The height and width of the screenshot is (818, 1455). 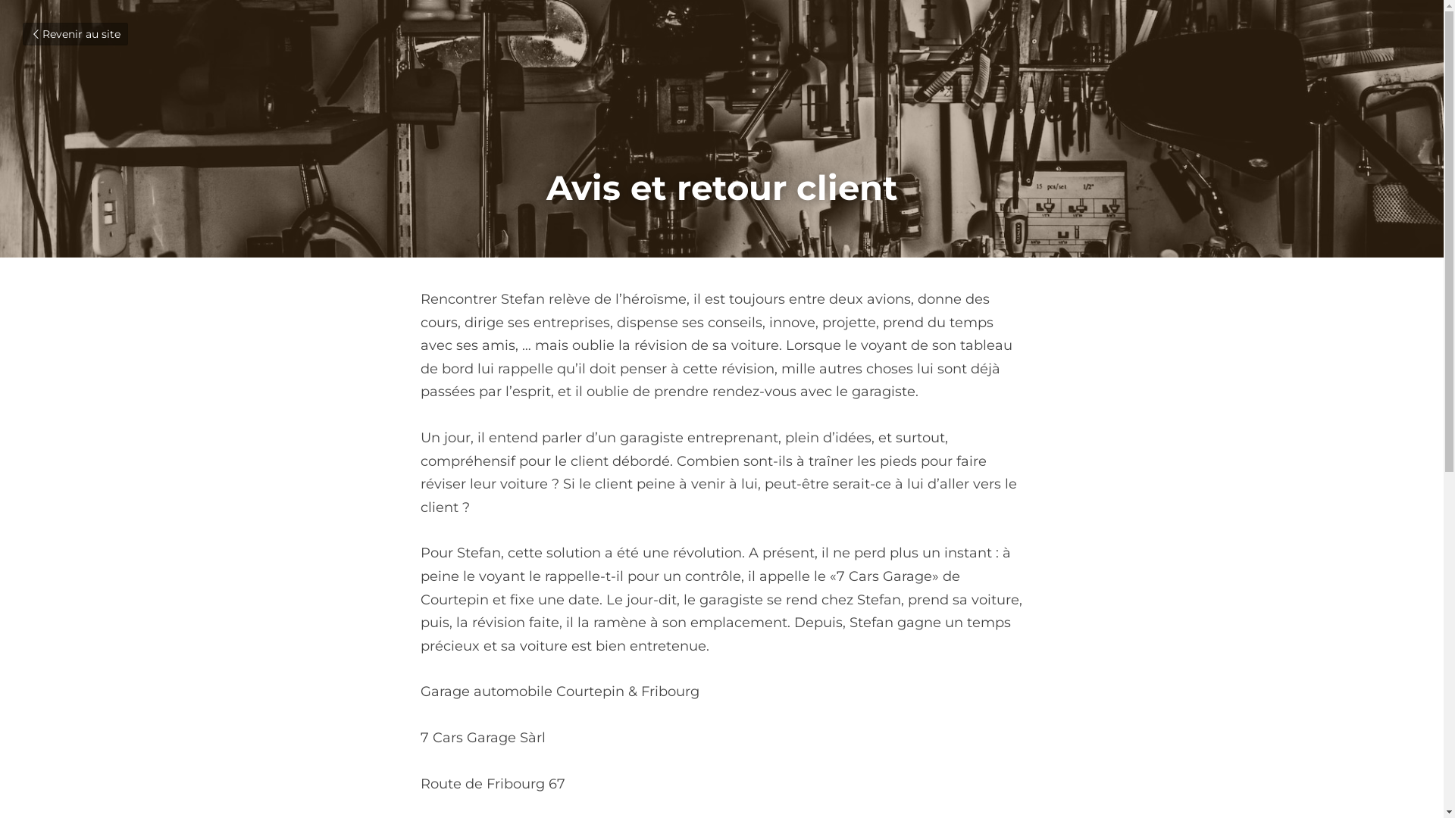 I want to click on 'Revenir au site', so click(x=74, y=34).